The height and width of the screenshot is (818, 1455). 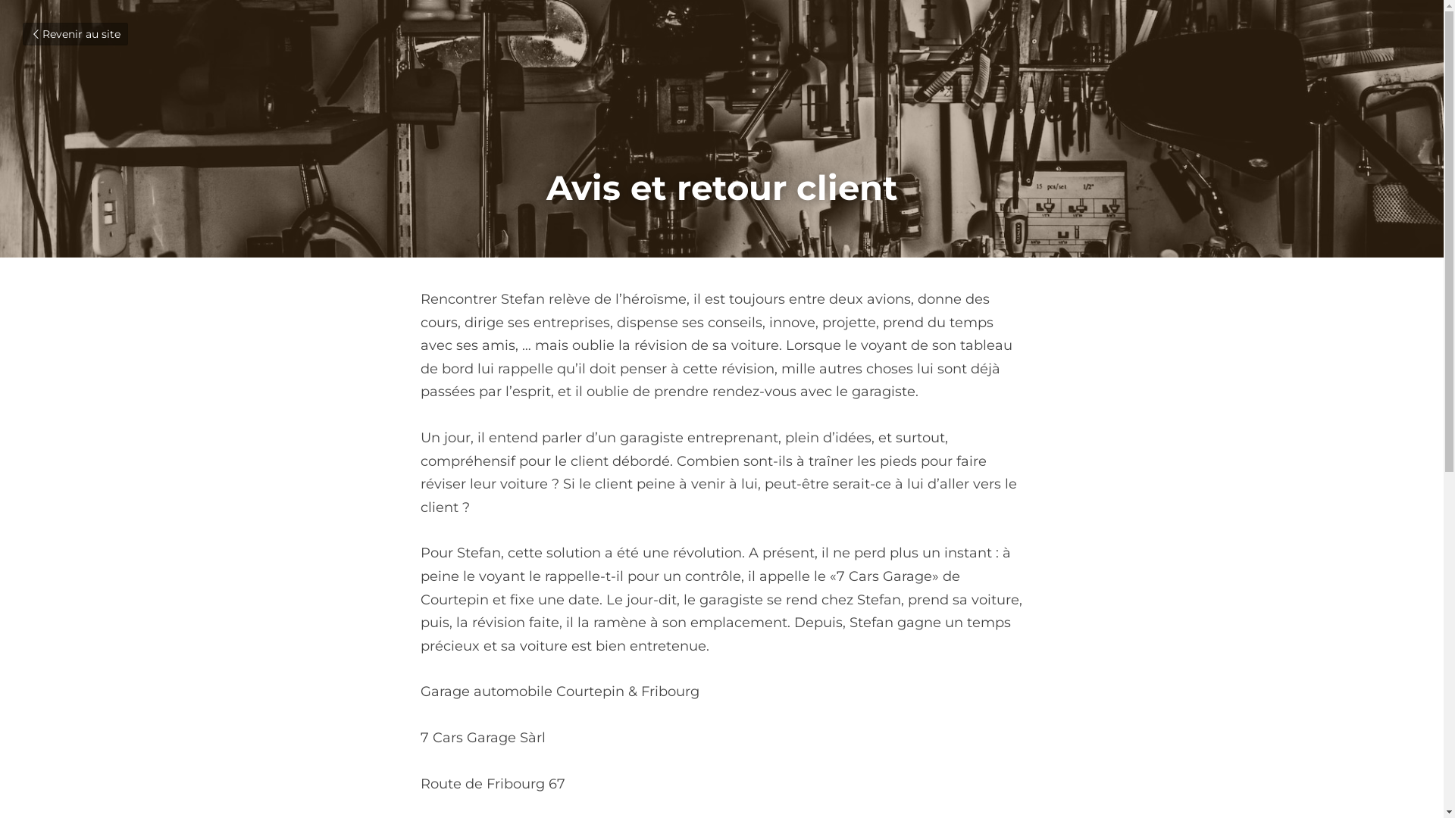 I want to click on 'Revenir au site', so click(x=74, y=34).